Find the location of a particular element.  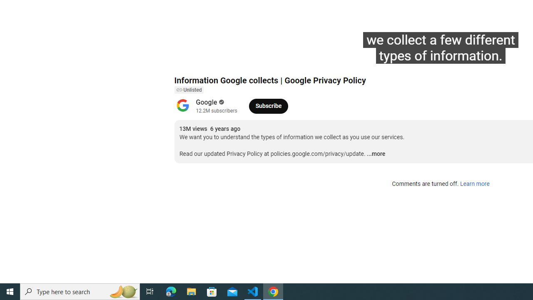

'...more' is located at coordinates (376, 154).